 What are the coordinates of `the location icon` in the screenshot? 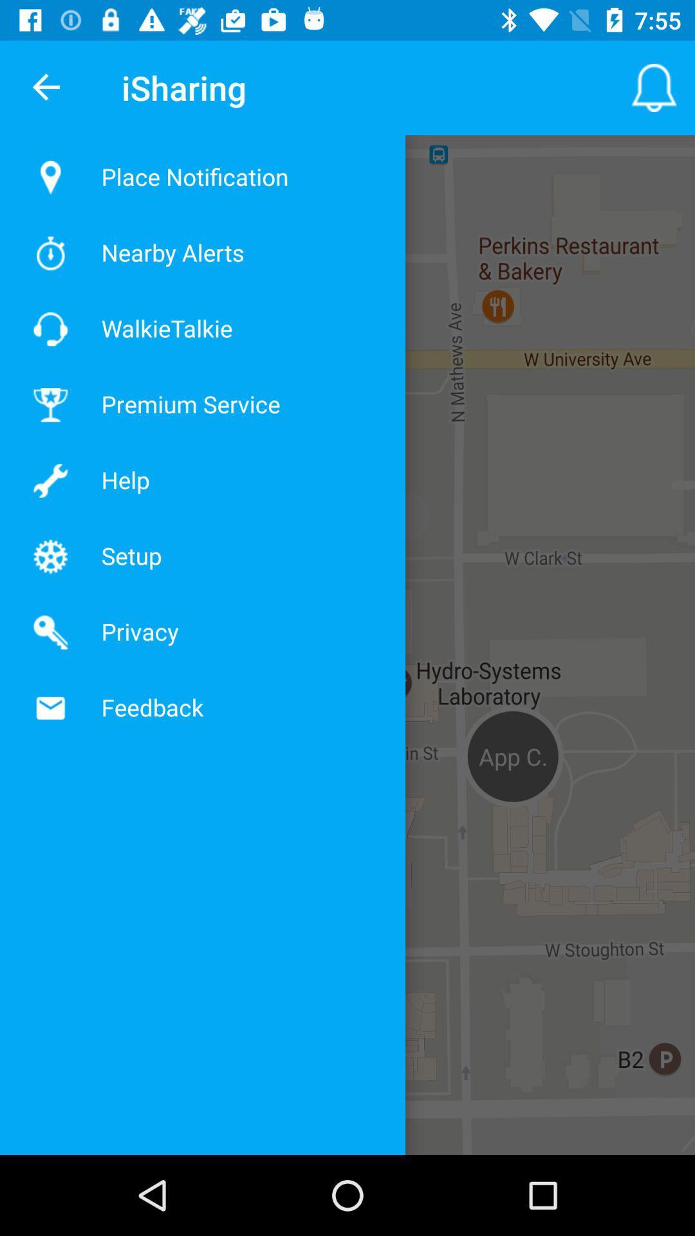 It's located at (41, 176).